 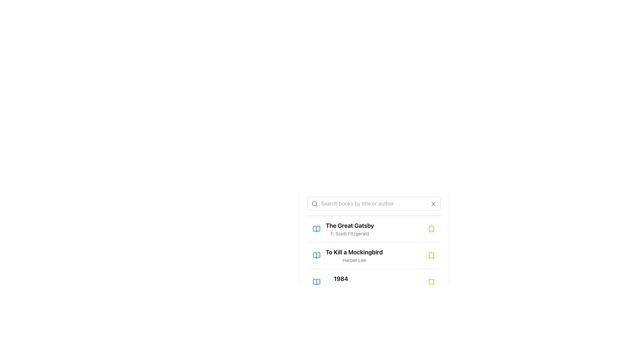 What do you see at coordinates (316, 282) in the screenshot?
I see `the book icon representing '1984' by George Orwell, which is positioned to the left of the title in the book listing` at bounding box center [316, 282].